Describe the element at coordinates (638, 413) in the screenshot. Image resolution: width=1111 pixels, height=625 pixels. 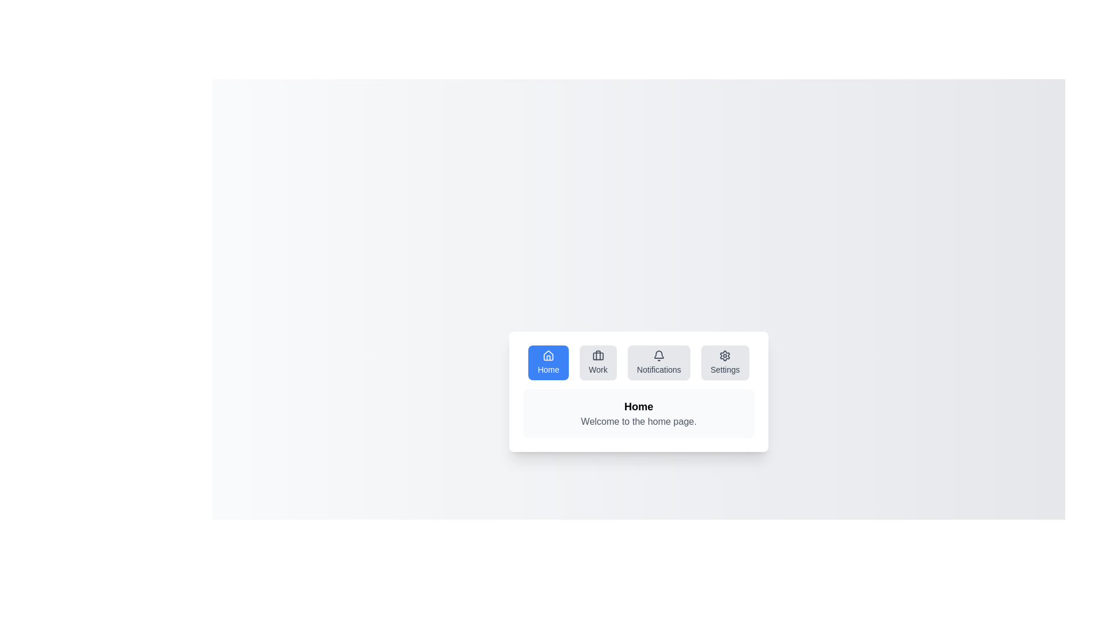
I see `the text display area that has a light gray background with rounded corners, featuring the title 'Home' and the subtitle 'Welcome to the home page.'` at that location.